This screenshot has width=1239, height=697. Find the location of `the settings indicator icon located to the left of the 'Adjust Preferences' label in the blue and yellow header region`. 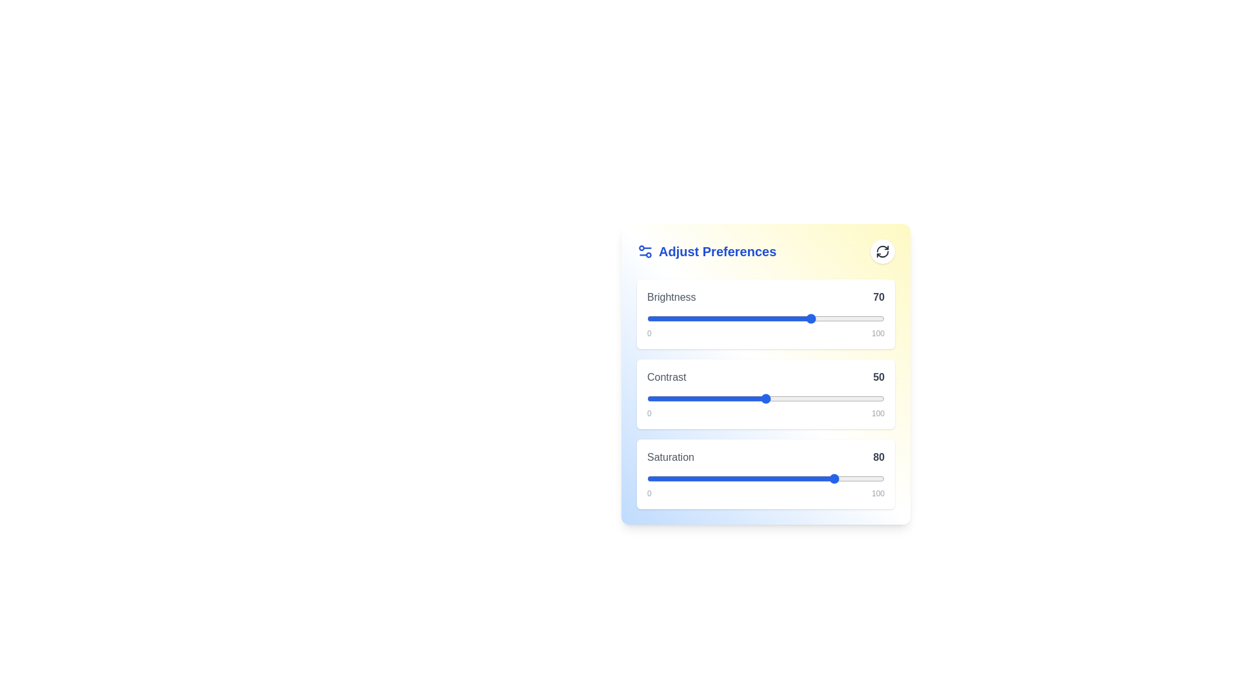

the settings indicator icon located to the left of the 'Adjust Preferences' label in the blue and yellow header region is located at coordinates (645, 251).